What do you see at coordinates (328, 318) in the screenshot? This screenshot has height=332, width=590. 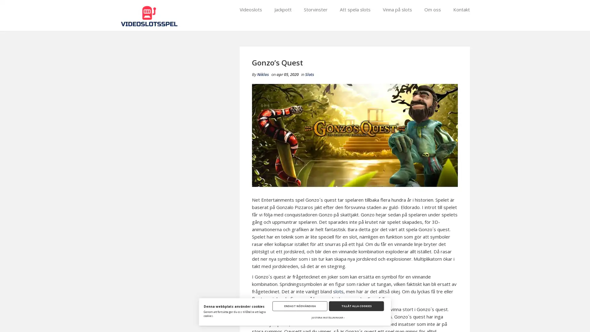 I see `JUSTERA INSTALLNINGAR` at bounding box center [328, 318].